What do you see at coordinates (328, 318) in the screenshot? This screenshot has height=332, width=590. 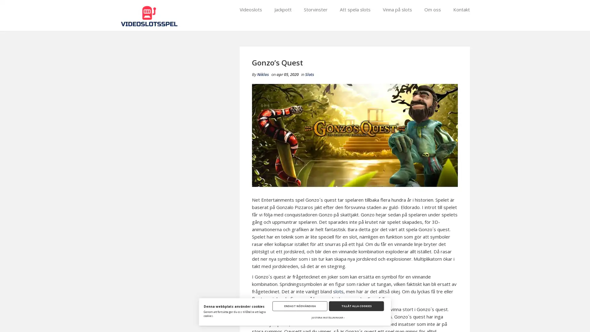 I see `JUSTERA INSTALLNINGAR` at bounding box center [328, 318].